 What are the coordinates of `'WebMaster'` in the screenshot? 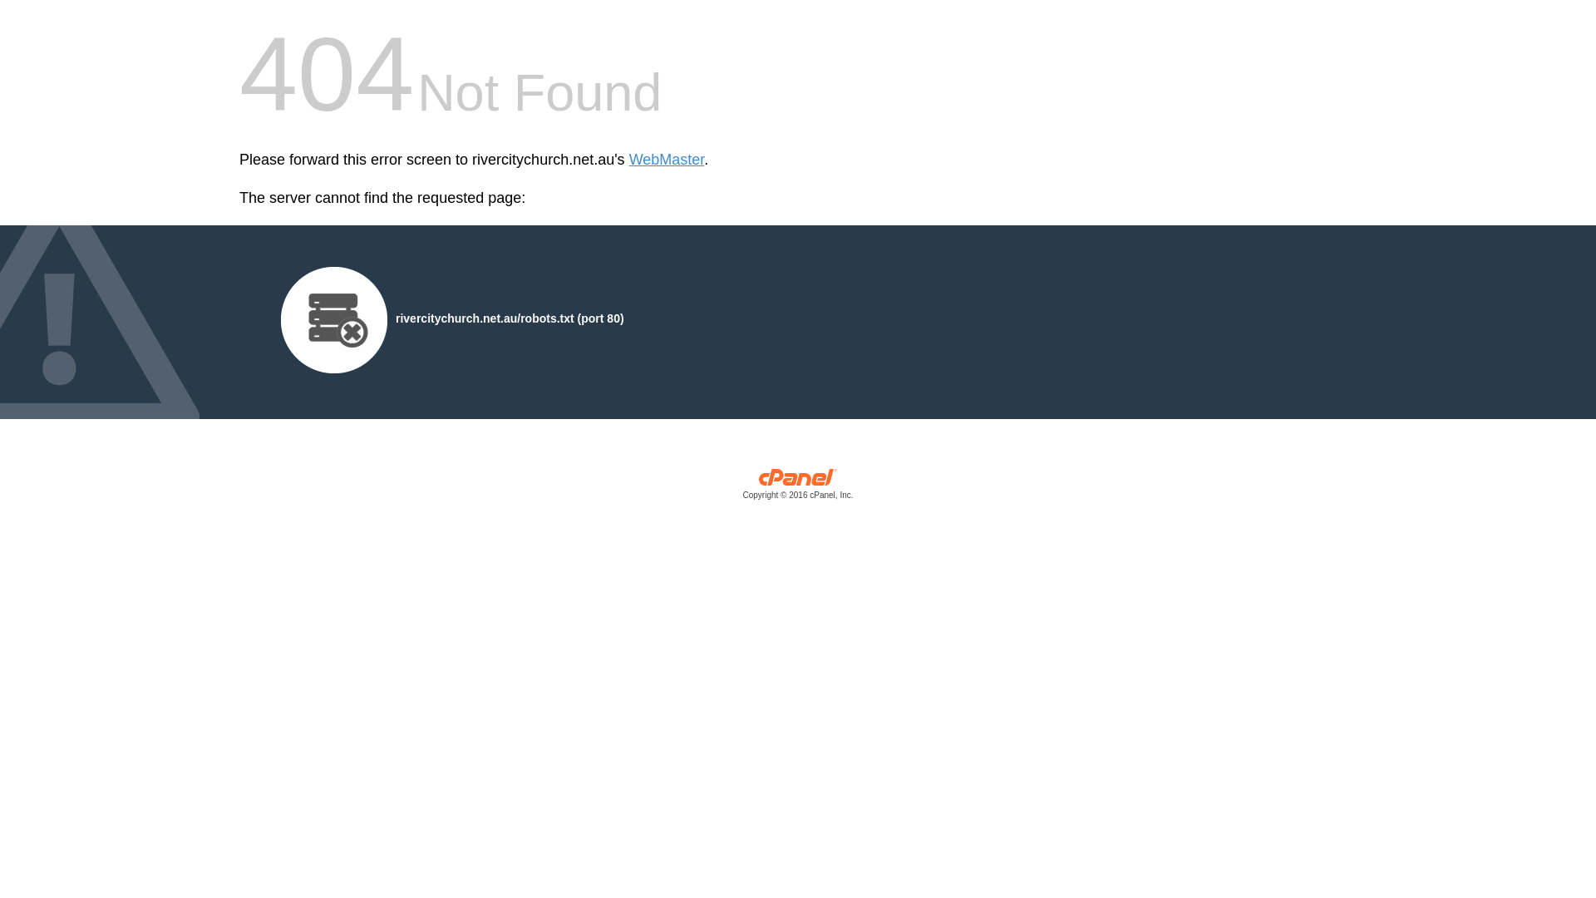 It's located at (628, 160).